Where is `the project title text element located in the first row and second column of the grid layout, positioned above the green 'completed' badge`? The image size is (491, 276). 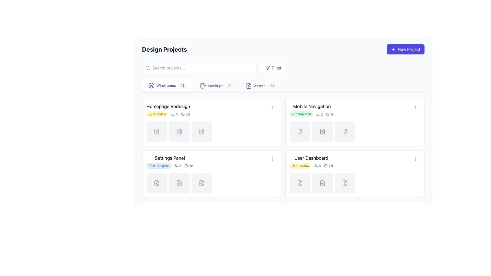 the project title text element located in the first row and second column of the grid layout, positioned above the green 'completed' badge is located at coordinates (311, 106).